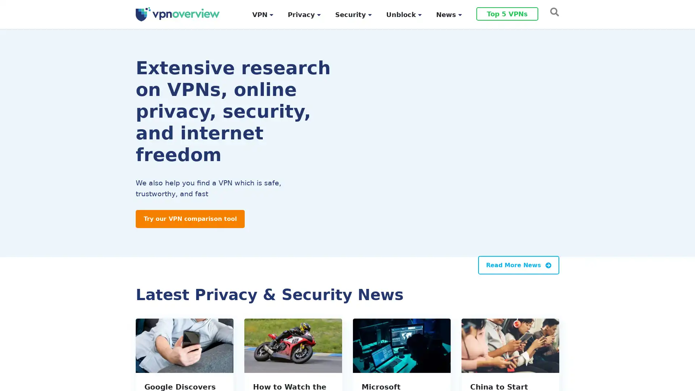  What do you see at coordinates (552, 11) in the screenshot?
I see `Search` at bounding box center [552, 11].